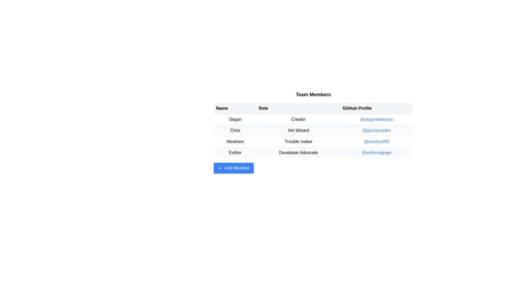 This screenshot has height=292, width=520. I want to click on text label 'Creator' located in the second column and first row under the 'Role' heading of the table, which is styled in plain black on a white background, so click(298, 119).